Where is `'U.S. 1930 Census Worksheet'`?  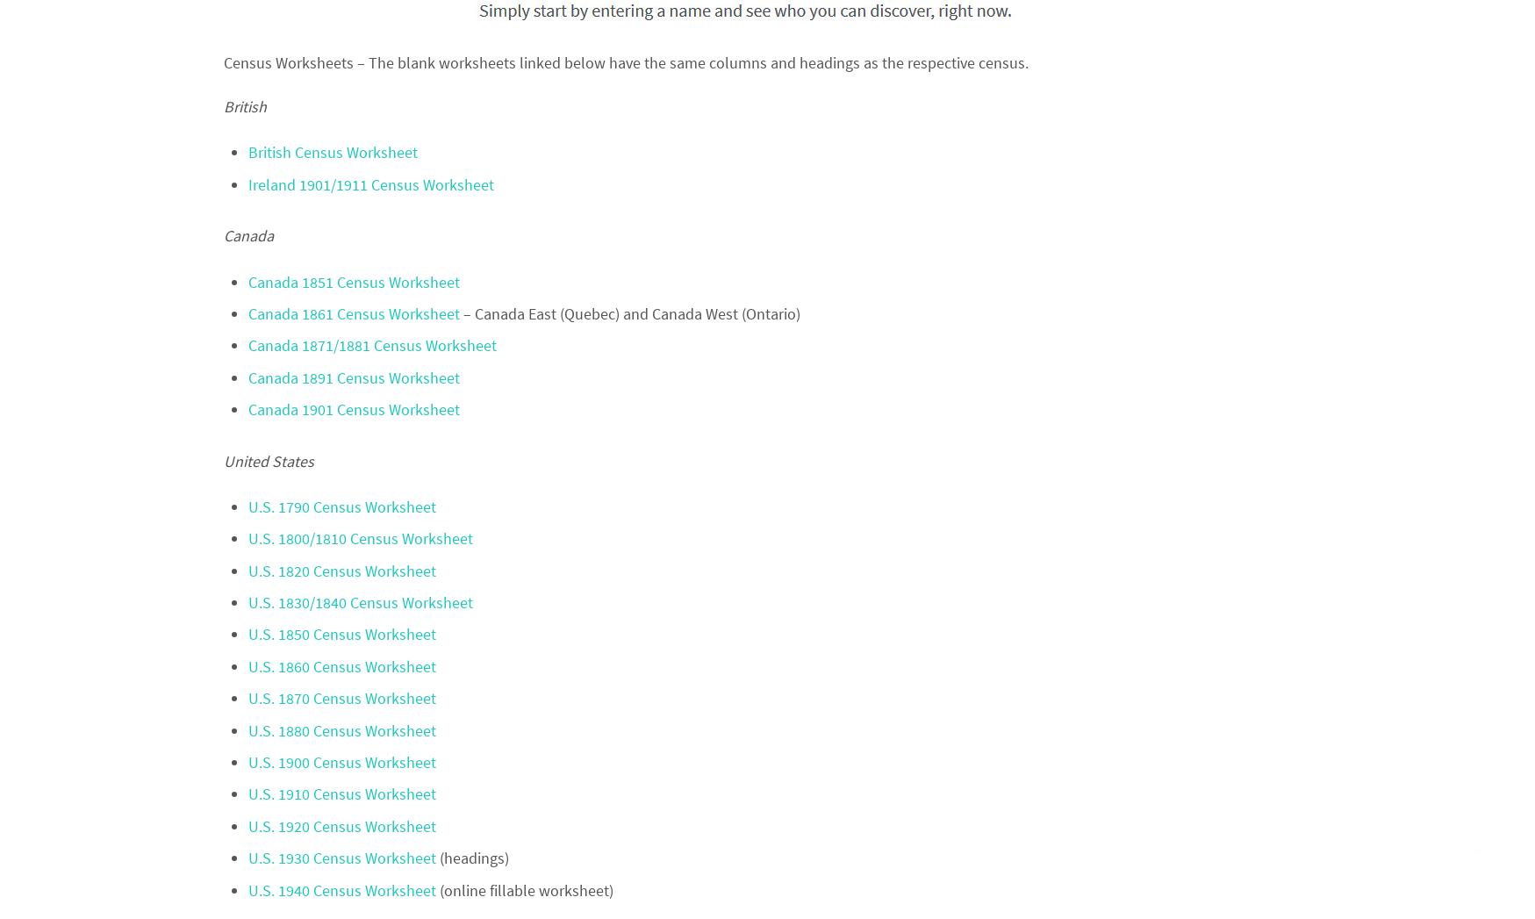 'U.S. 1930 Census Worksheet' is located at coordinates (247, 857).